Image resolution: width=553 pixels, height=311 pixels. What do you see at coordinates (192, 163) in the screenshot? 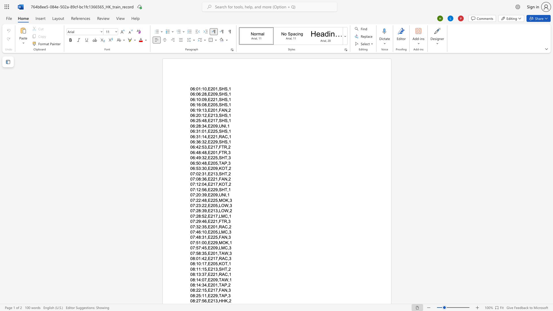
I see `the subset text "6:50:48" within the text "06:50:48,E205,TAP,3"` at bounding box center [192, 163].